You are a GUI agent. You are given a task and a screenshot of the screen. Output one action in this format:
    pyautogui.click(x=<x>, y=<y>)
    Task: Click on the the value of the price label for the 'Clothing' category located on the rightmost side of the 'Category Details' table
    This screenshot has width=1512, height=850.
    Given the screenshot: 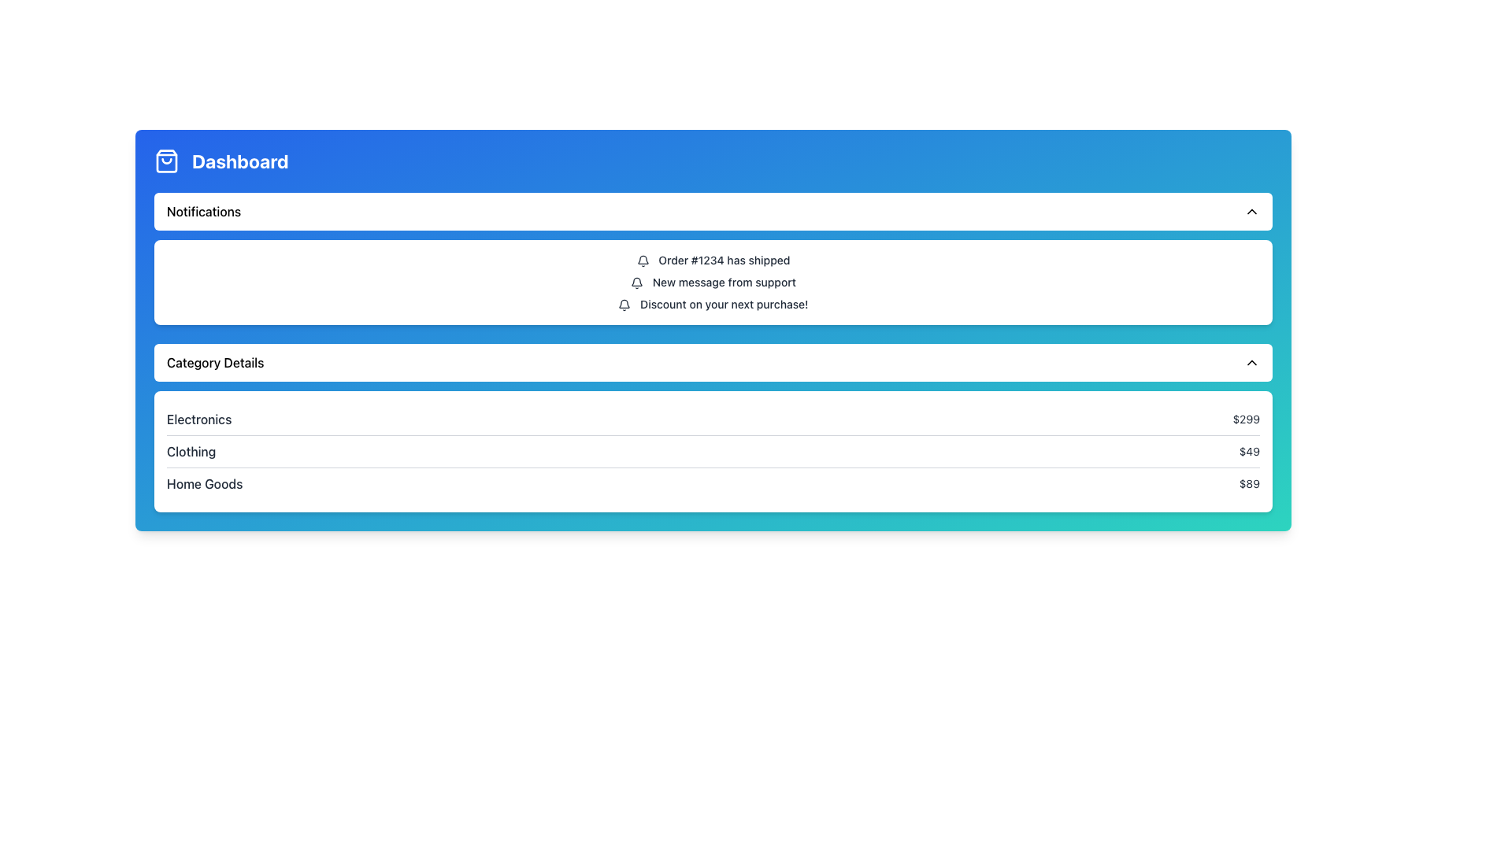 What is the action you would take?
    pyautogui.click(x=1248, y=452)
    